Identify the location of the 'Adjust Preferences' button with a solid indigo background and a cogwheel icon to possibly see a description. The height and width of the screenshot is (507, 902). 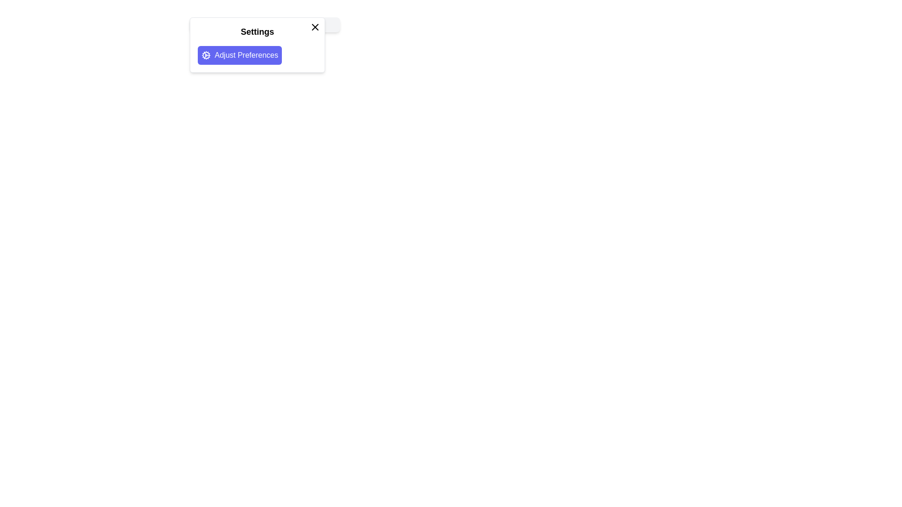
(240, 55).